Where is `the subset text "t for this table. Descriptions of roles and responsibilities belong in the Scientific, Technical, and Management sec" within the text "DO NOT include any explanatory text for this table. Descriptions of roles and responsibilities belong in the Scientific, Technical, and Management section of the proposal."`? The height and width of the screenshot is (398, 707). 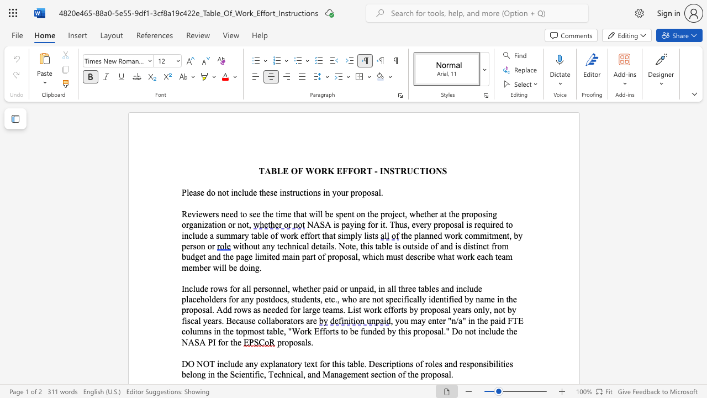
the subset text "t for this table. Descriptions of roles and responsibilities belong in the Scientific, Technical, and Management sec" within the text "DO NOT include any explanatory text for this table. Descriptions of roles and responsibilities belong in the Scientific, Technical, and Management section of the proposal." is located at coordinates (314, 364).